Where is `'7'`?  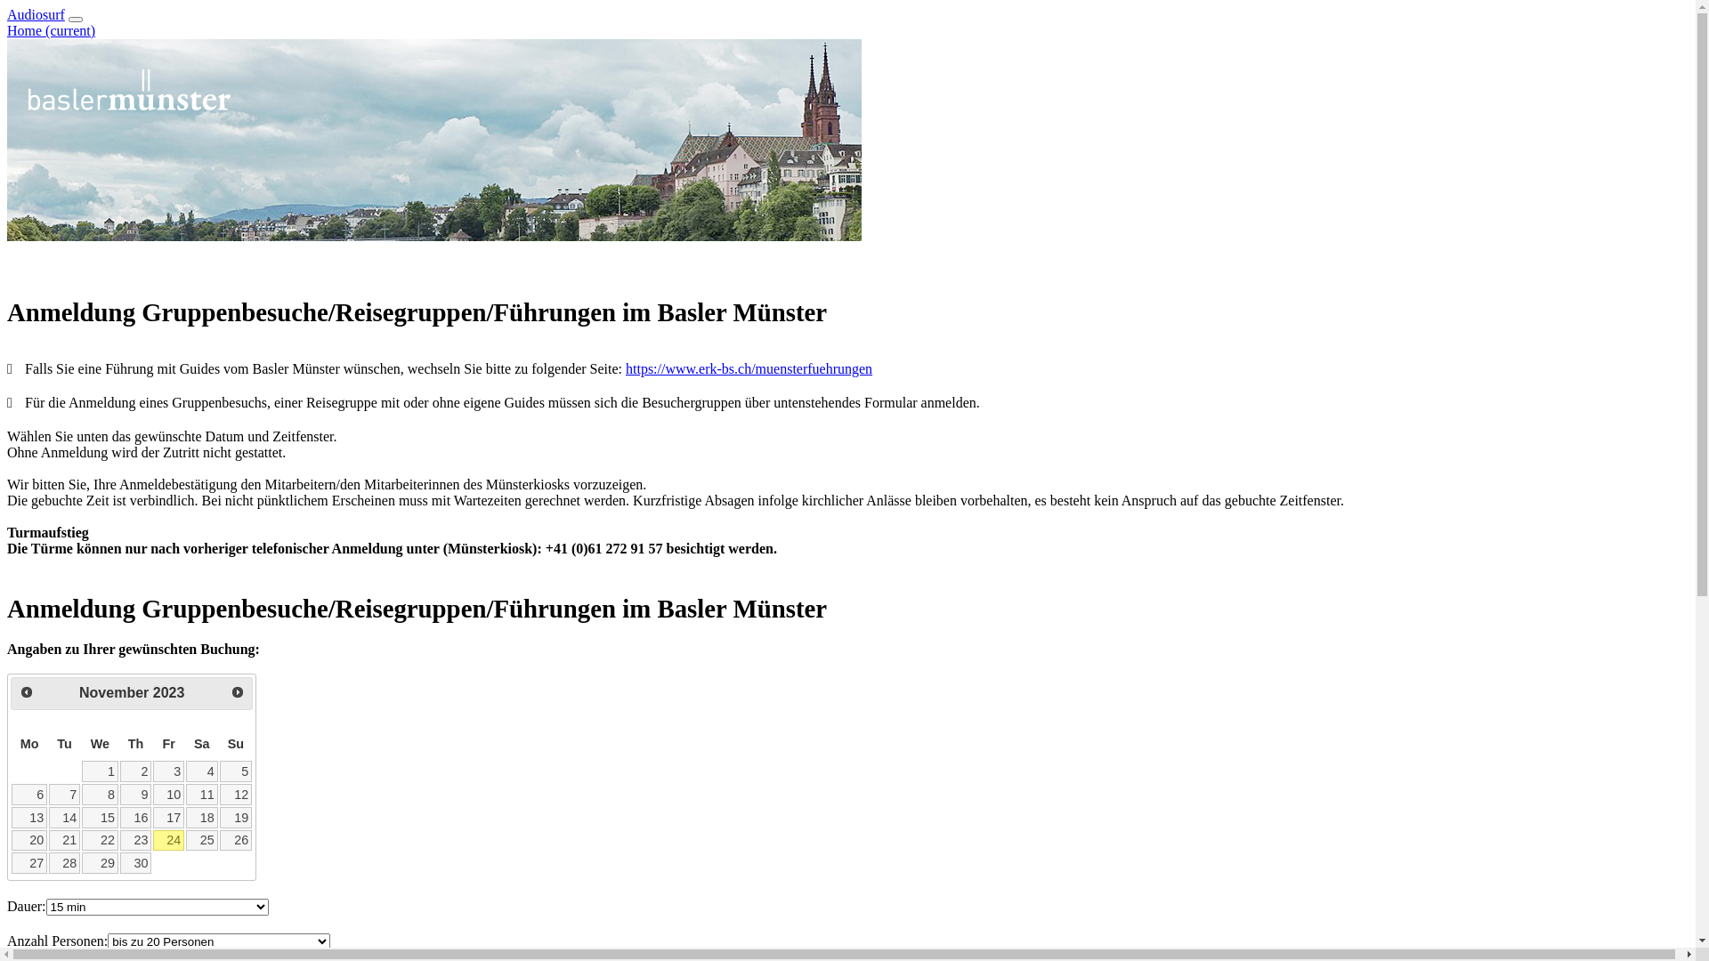 '7' is located at coordinates (64, 794).